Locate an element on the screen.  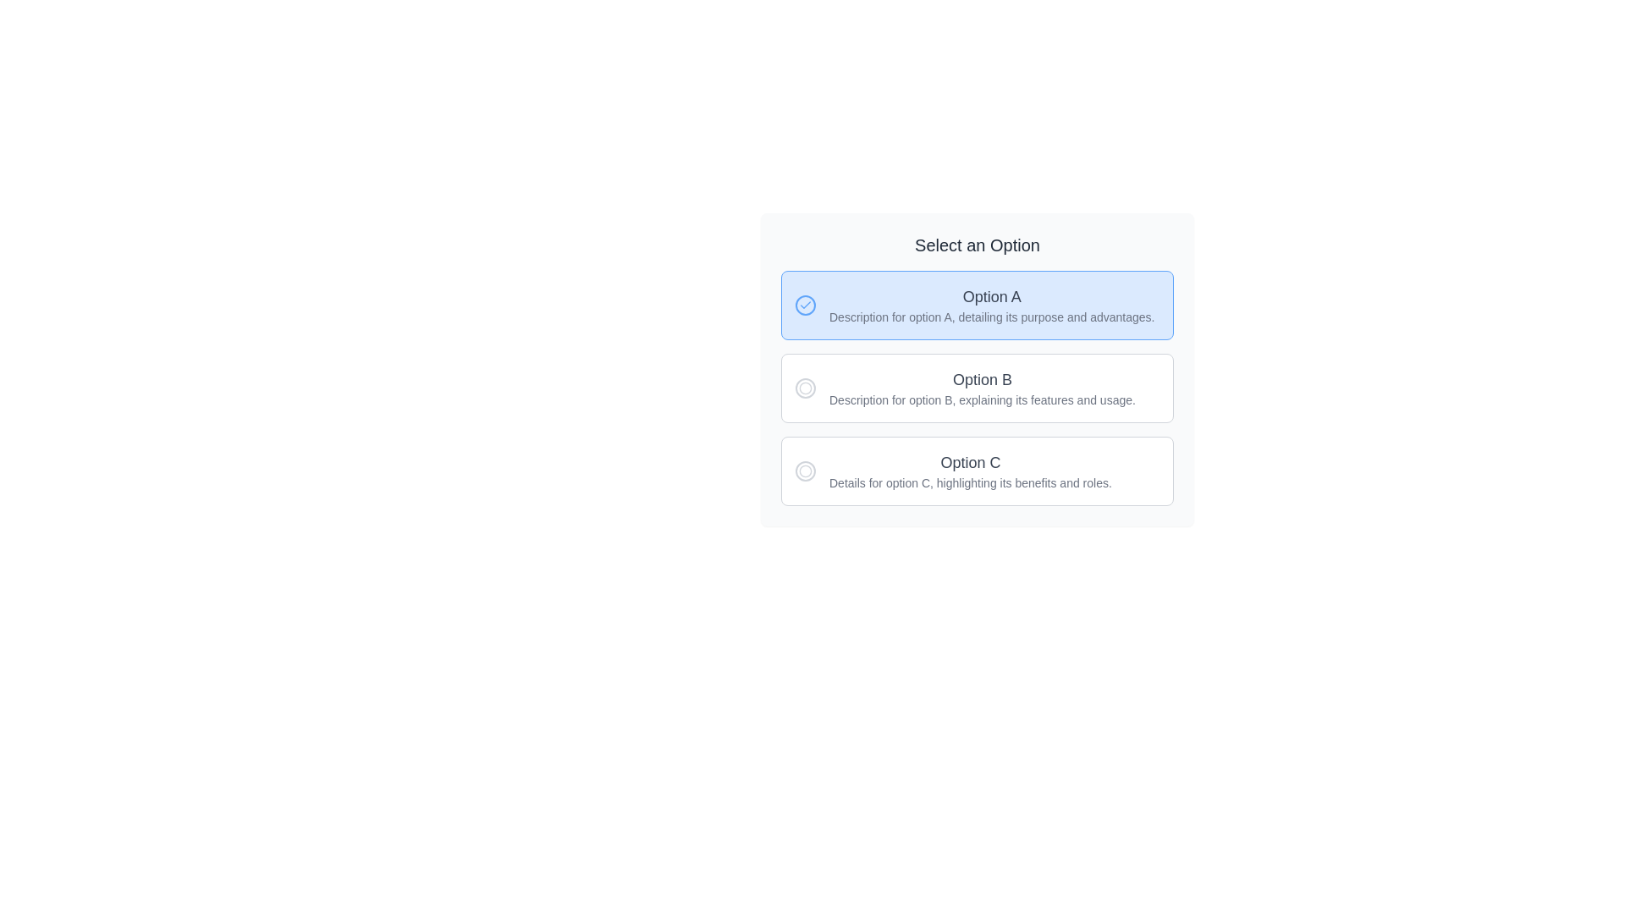
the first selectable list item labeled 'Option A' with a circular checkmark icon is located at coordinates (978, 306).